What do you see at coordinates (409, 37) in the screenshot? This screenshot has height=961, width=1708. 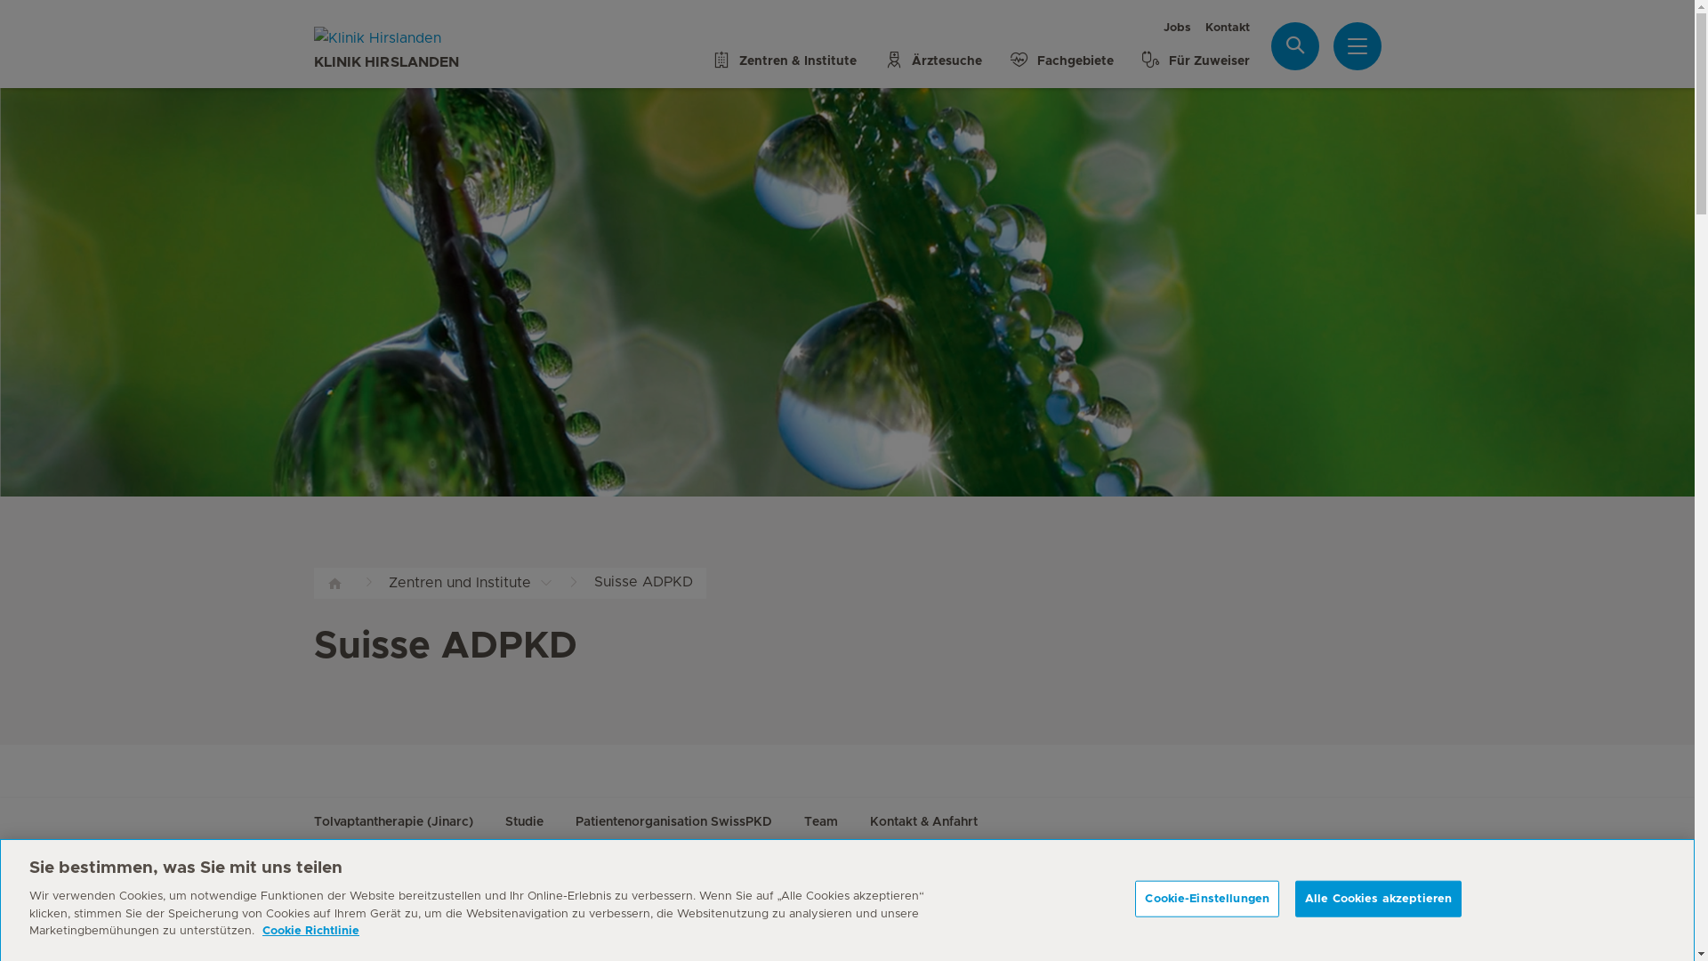 I see `'Klinik Hirslanden'` at bounding box center [409, 37].